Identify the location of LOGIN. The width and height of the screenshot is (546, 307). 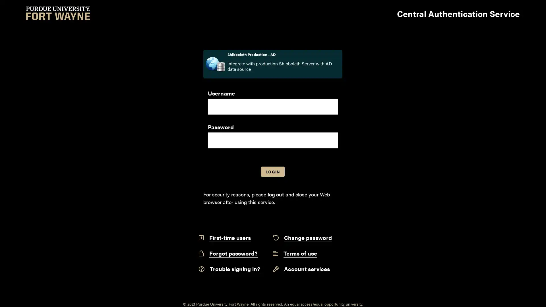
(272, 171).